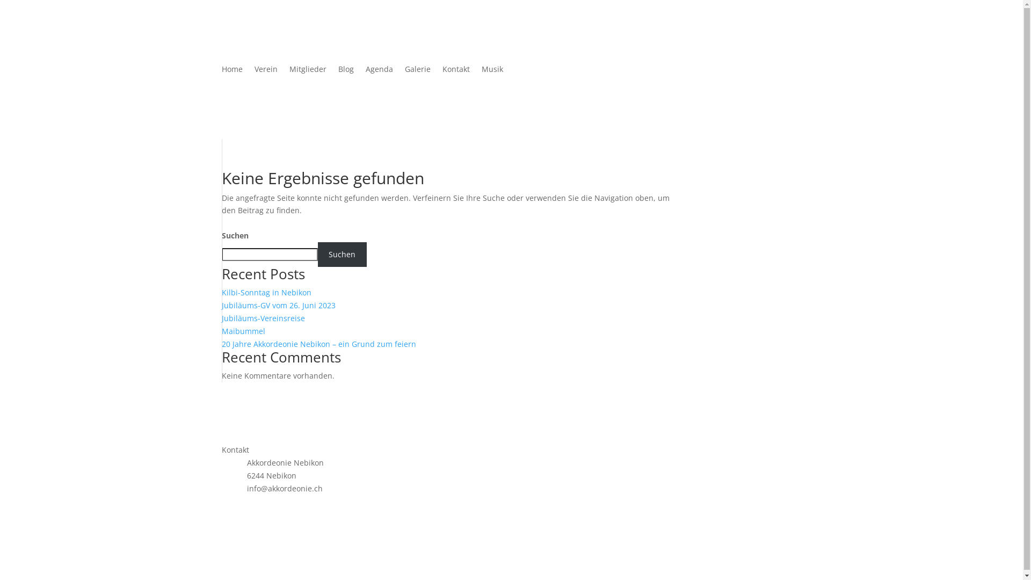 This screenshot has width=1031, height=580. What do you see at coordinates (242, 330) in the screenshot?
I see `'Maibummel'` at bounding box center [242, 330].